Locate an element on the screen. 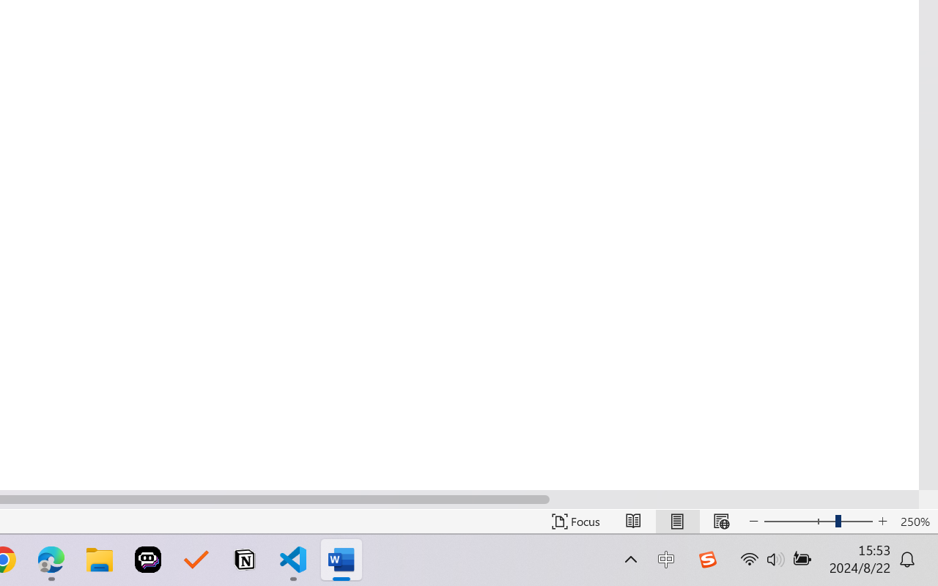 This screenshot has width=938, height=586. 'Class: Image' is located at coordinates (707, 560).